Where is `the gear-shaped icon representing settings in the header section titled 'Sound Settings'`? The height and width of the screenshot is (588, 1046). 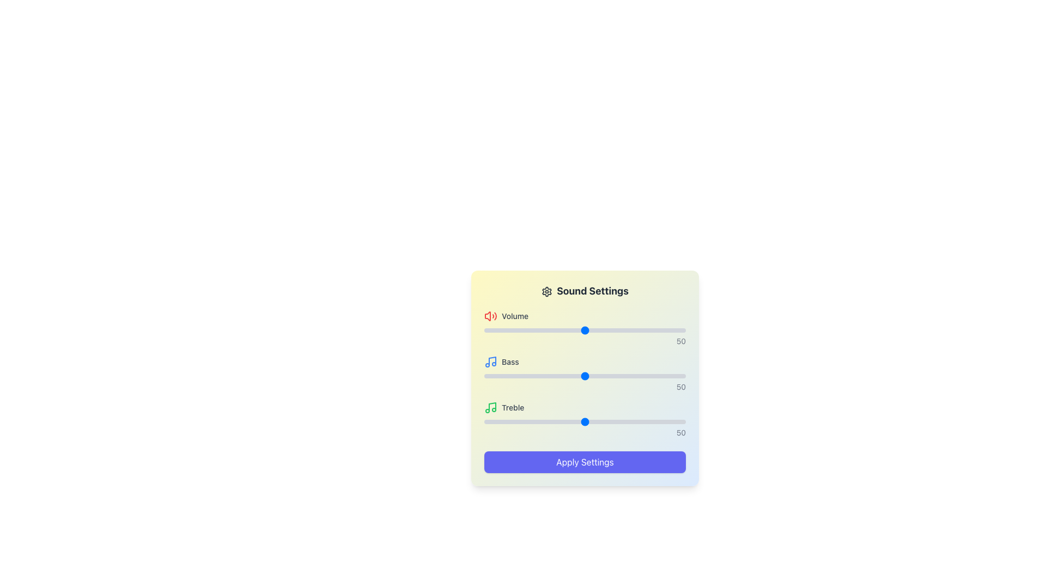 the gear-shaped icon representing settings in the header section titled 'Sound Settings' is located at coordinates (547, 291).